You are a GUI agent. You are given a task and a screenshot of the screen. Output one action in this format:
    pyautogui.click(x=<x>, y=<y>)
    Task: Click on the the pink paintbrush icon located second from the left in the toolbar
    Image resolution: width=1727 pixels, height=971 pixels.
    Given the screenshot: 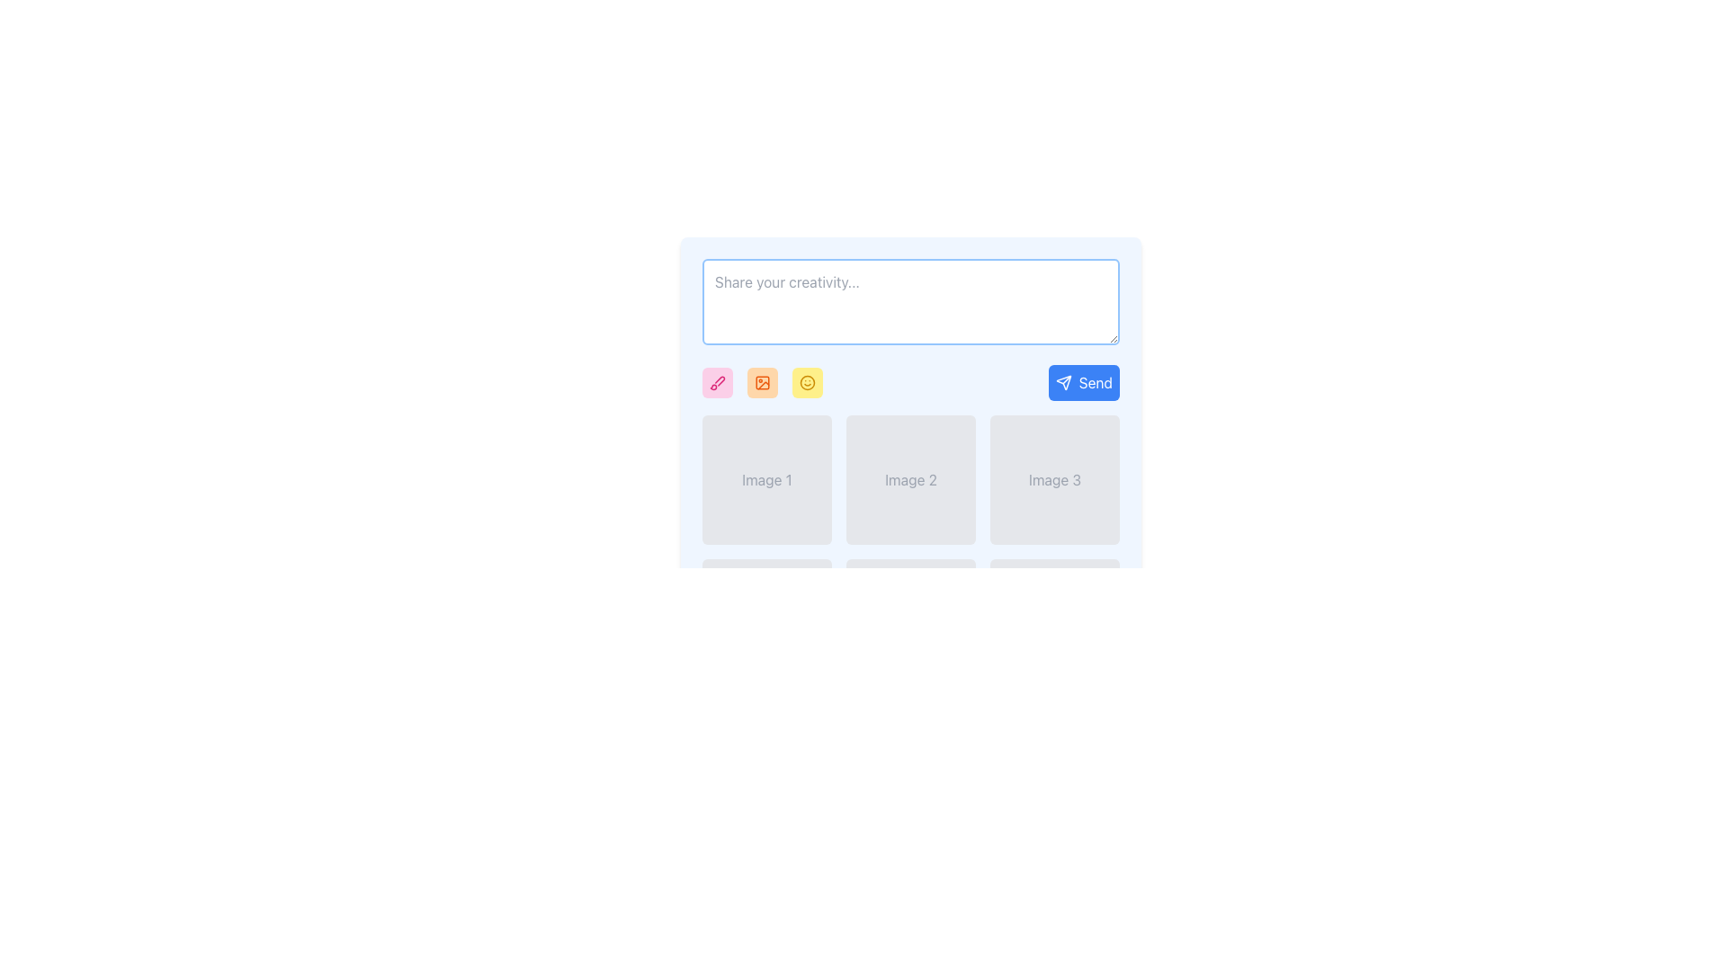 What is the action you would take?
    pyautogui.click(x=716, y=381)
    